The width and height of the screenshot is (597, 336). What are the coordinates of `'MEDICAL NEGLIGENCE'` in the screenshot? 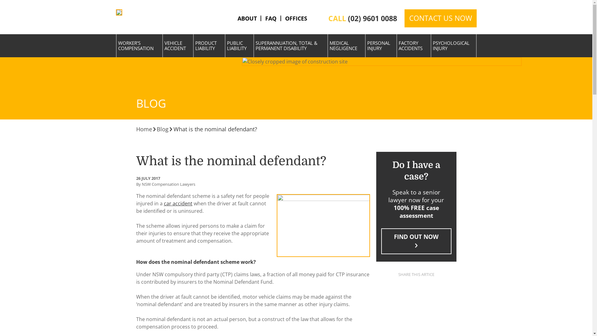 It's located at (328, 45).